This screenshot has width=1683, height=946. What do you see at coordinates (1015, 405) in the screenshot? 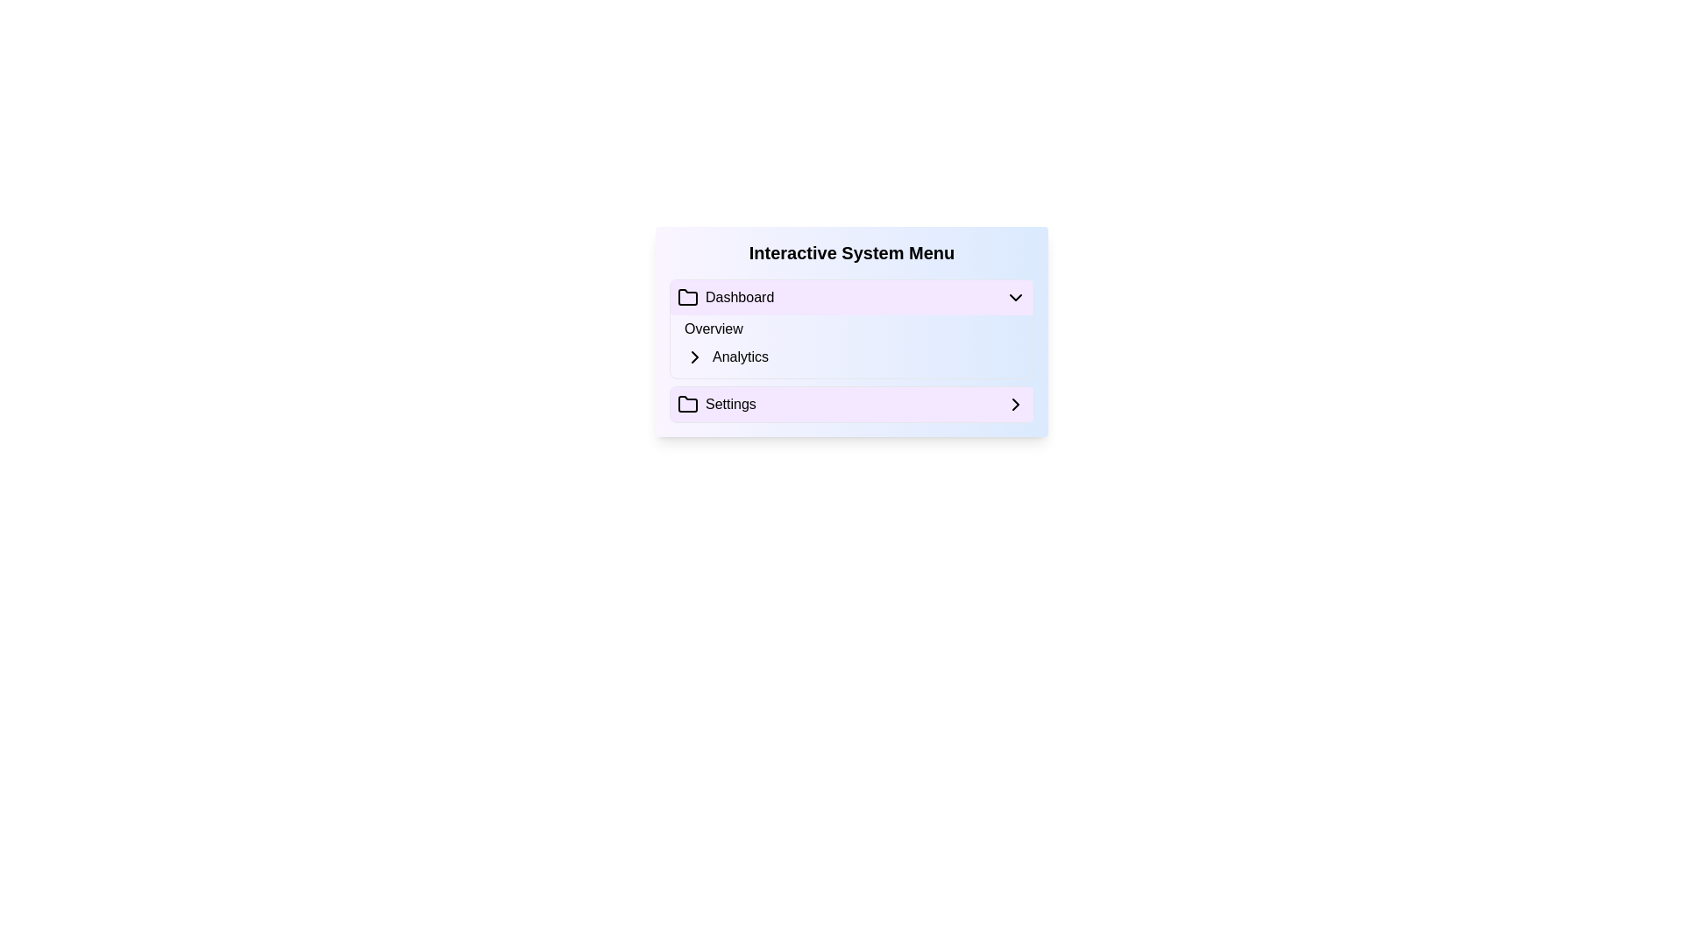
I see `the right chevron icon located in the Settings section` at bounding box center [1015, 405].